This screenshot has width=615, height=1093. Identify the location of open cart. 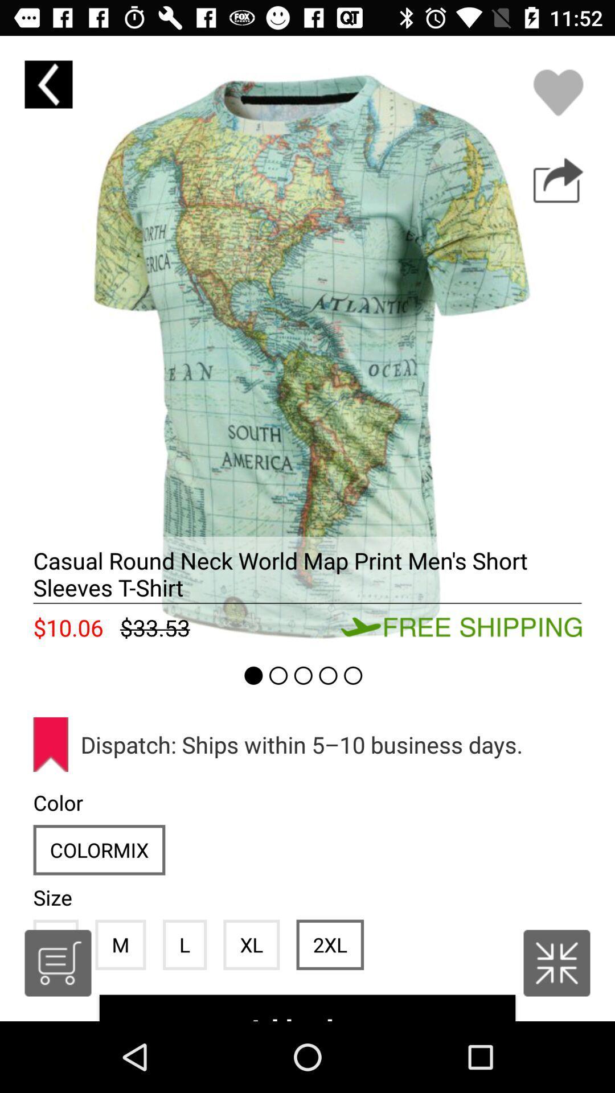
(58, 963).